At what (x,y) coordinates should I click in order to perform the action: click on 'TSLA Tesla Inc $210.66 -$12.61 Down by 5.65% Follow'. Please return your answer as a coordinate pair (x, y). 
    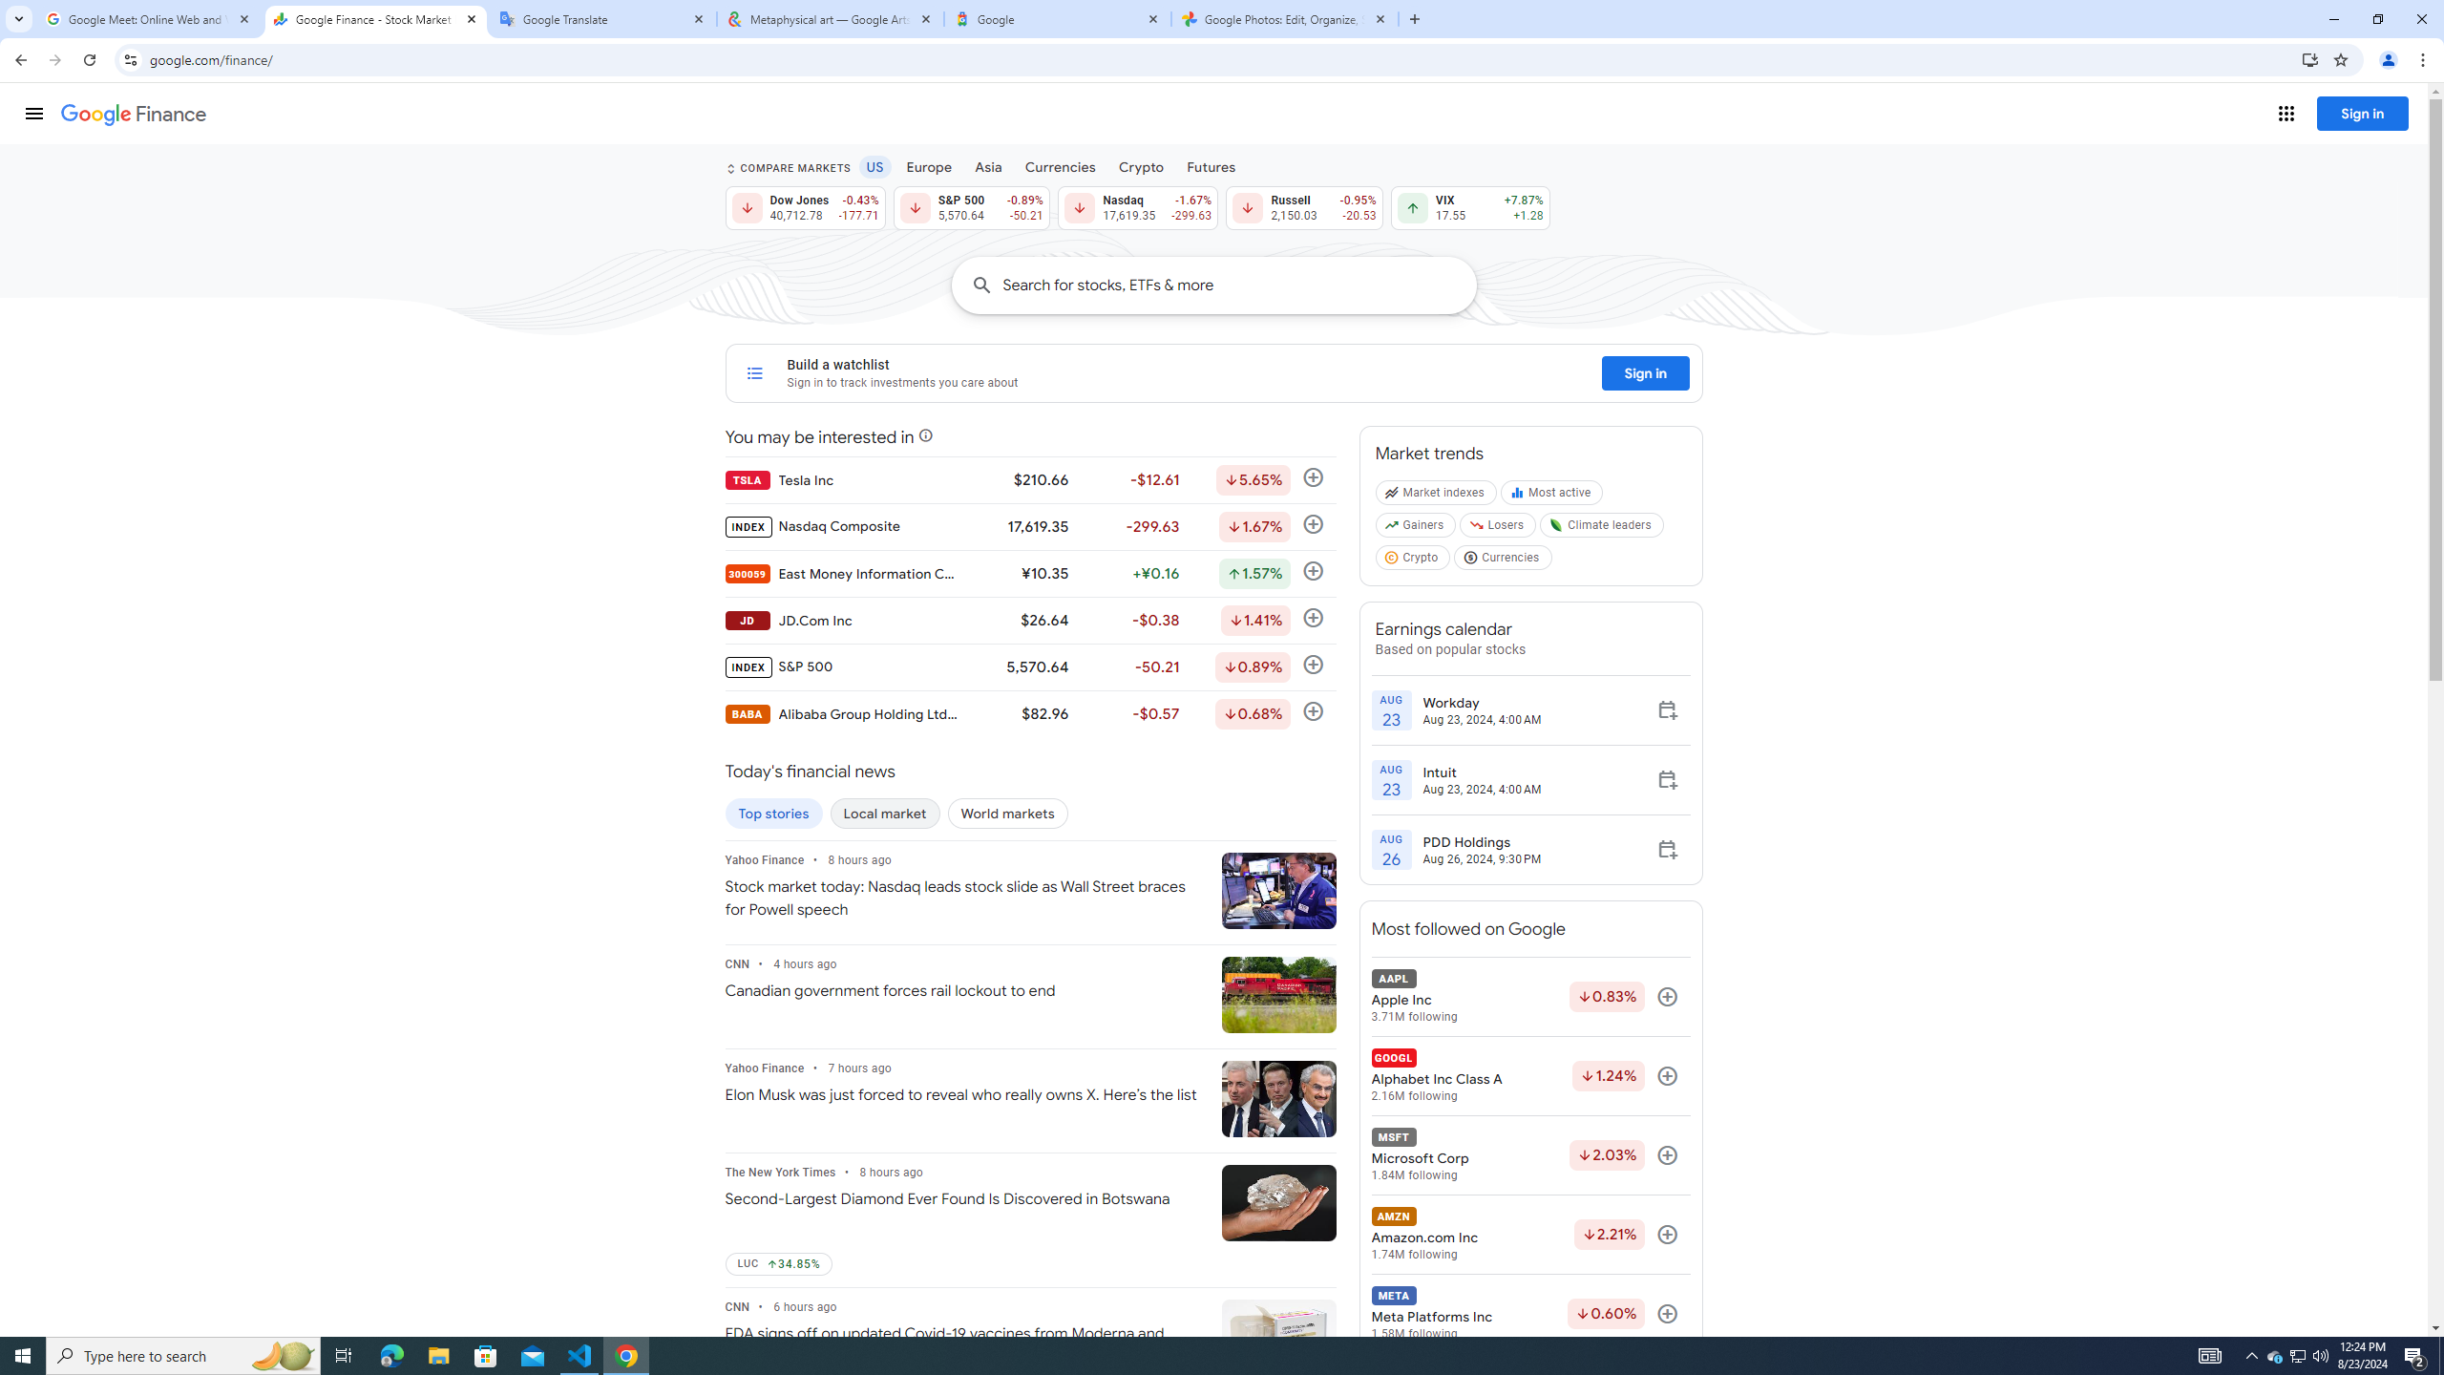
    Looking at the image, I should click on (1030, 478).